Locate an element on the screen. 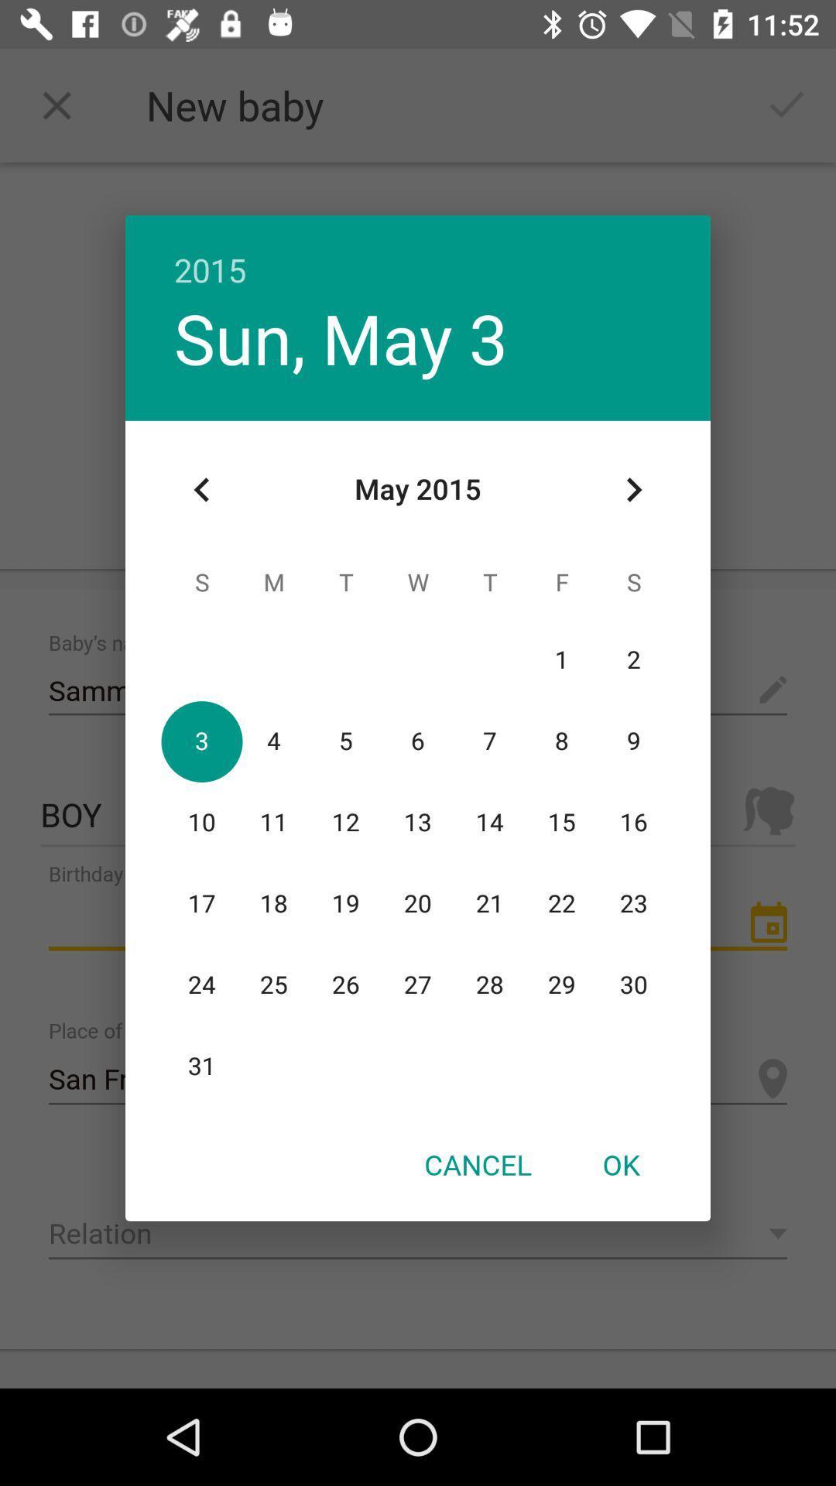 The image size is (836, 1486). the item below the sun, may 3 icon is located at coordinates (201, 489).